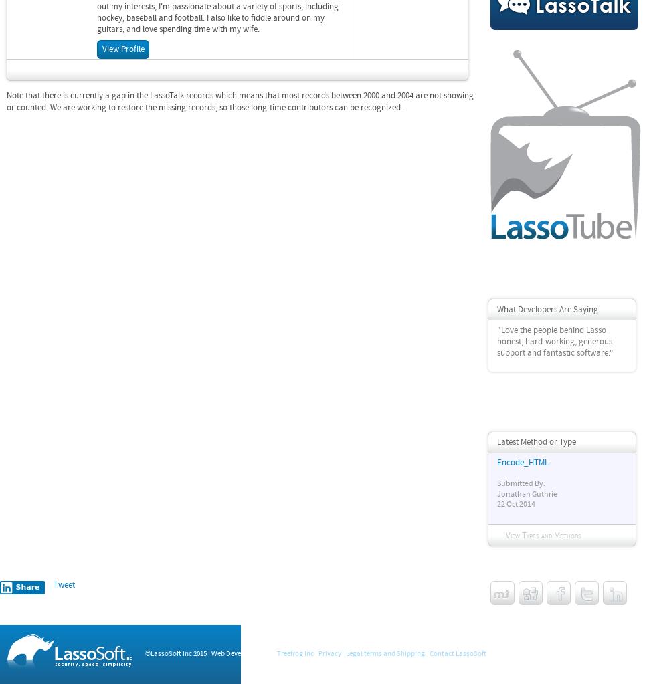  I want to click on 'Submitted By:', so click(521, 483).